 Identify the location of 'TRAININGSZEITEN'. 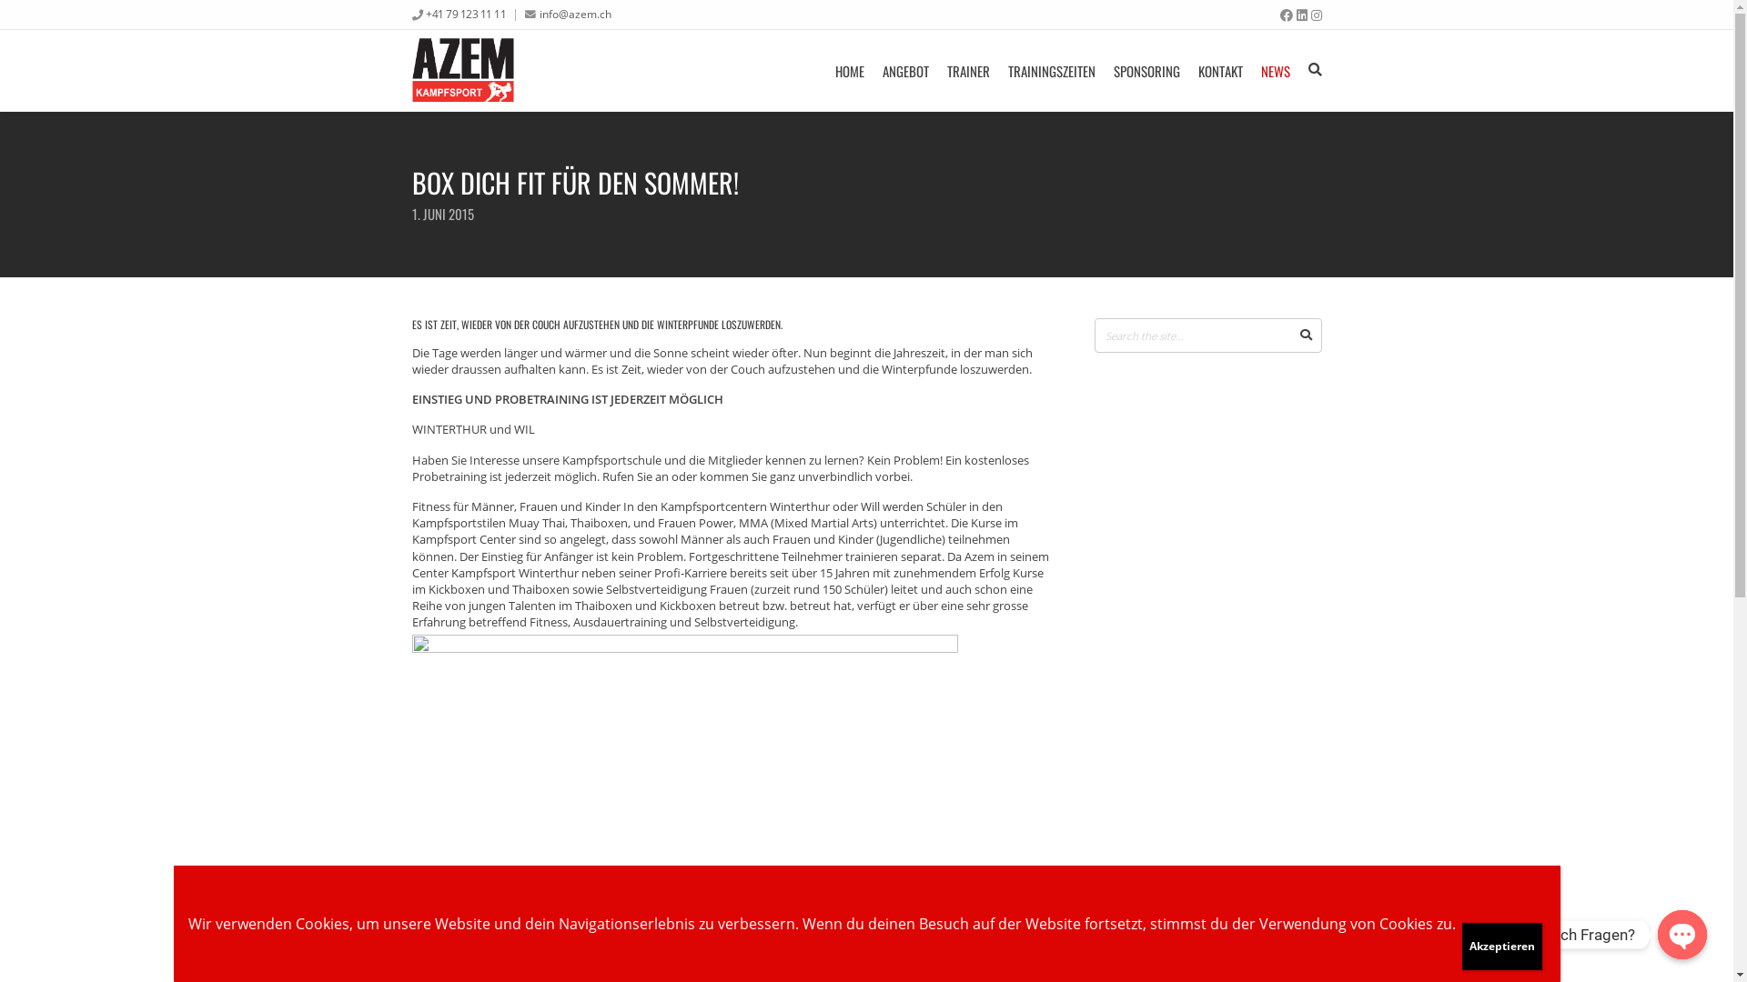
(1052, 69).